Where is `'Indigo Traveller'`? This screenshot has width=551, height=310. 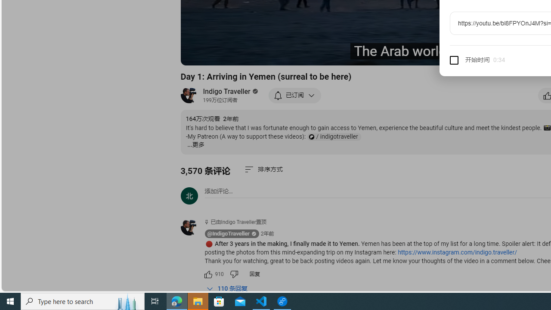 'Indigo Traveller' is located at coordinates (227, 91).